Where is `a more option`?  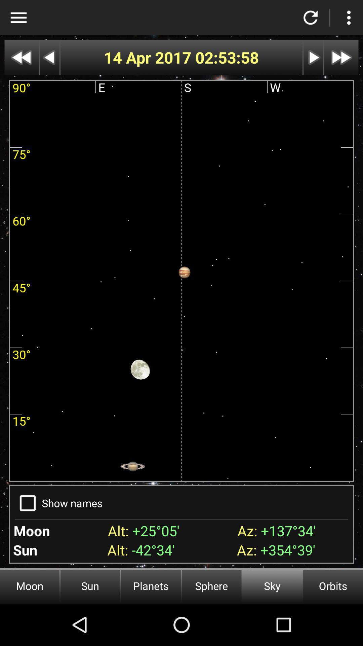
a more option is located at coordinates (18, 17).